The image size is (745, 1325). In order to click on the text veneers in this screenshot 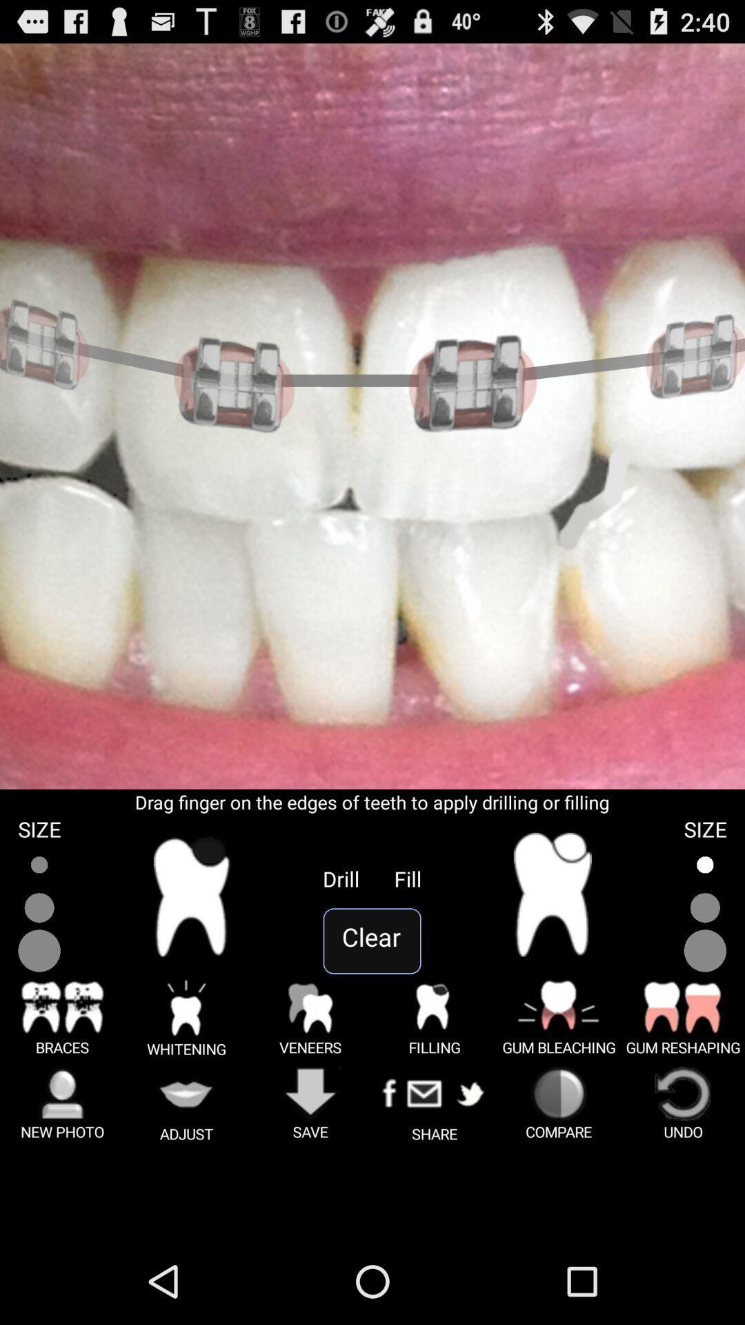, I will do `click(310, 1017)`.